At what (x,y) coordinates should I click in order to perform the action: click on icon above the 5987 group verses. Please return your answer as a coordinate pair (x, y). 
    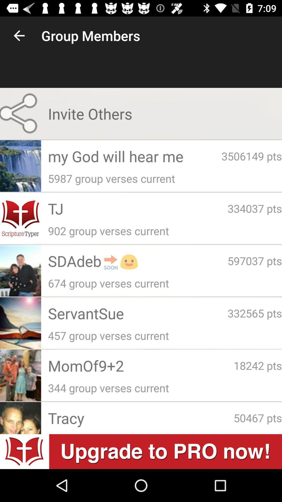
    Looking at the image, I should click on (251, 156).